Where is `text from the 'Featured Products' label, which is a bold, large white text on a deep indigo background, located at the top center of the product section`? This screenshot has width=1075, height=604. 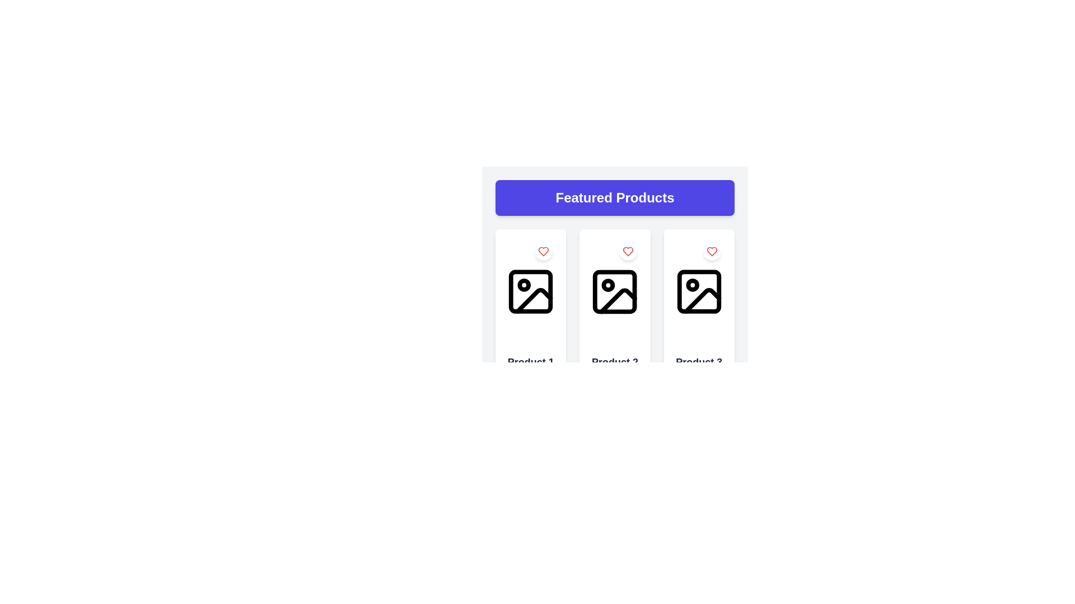 text from the 'Featured Products' label, which is a bold, large white text on a deep indigo background, located at the top center of the product section is located at coordinates (614, 197).